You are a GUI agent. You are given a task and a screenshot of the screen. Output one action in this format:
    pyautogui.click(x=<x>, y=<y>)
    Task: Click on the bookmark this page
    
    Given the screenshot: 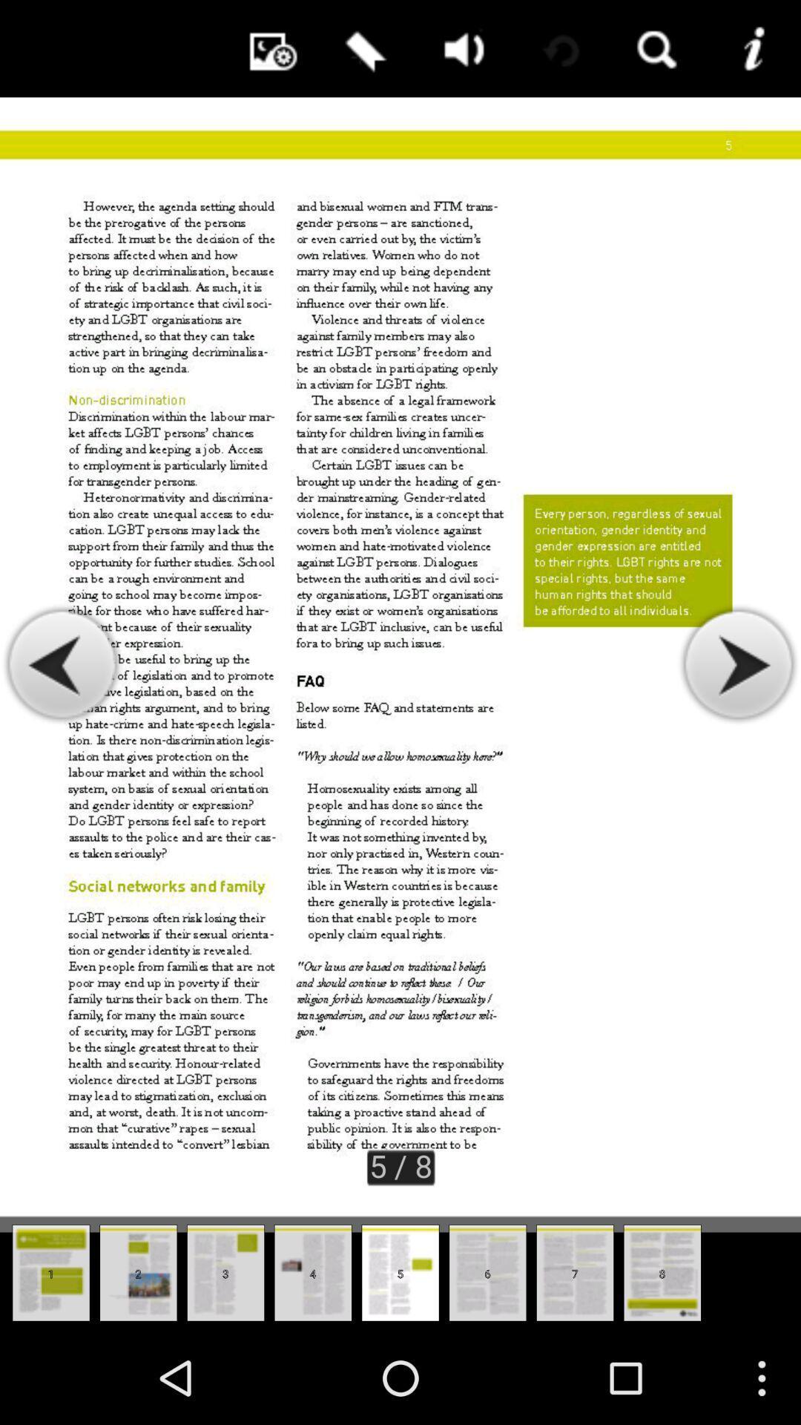 What is the action you would take?
    pyautogui.click(x=363, y=48)
    